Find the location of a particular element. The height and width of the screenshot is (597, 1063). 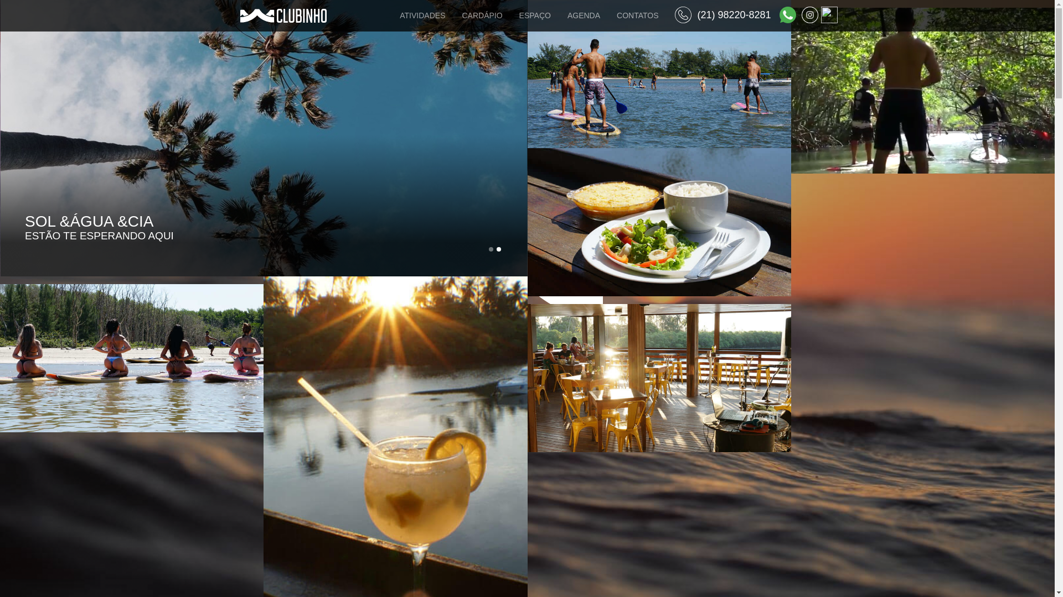

'(21) 98220-8281' is located at coordinates (723, 15).